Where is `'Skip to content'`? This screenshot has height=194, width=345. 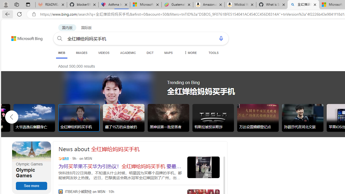
'Skip to content' is located at coordinates (17, 36).